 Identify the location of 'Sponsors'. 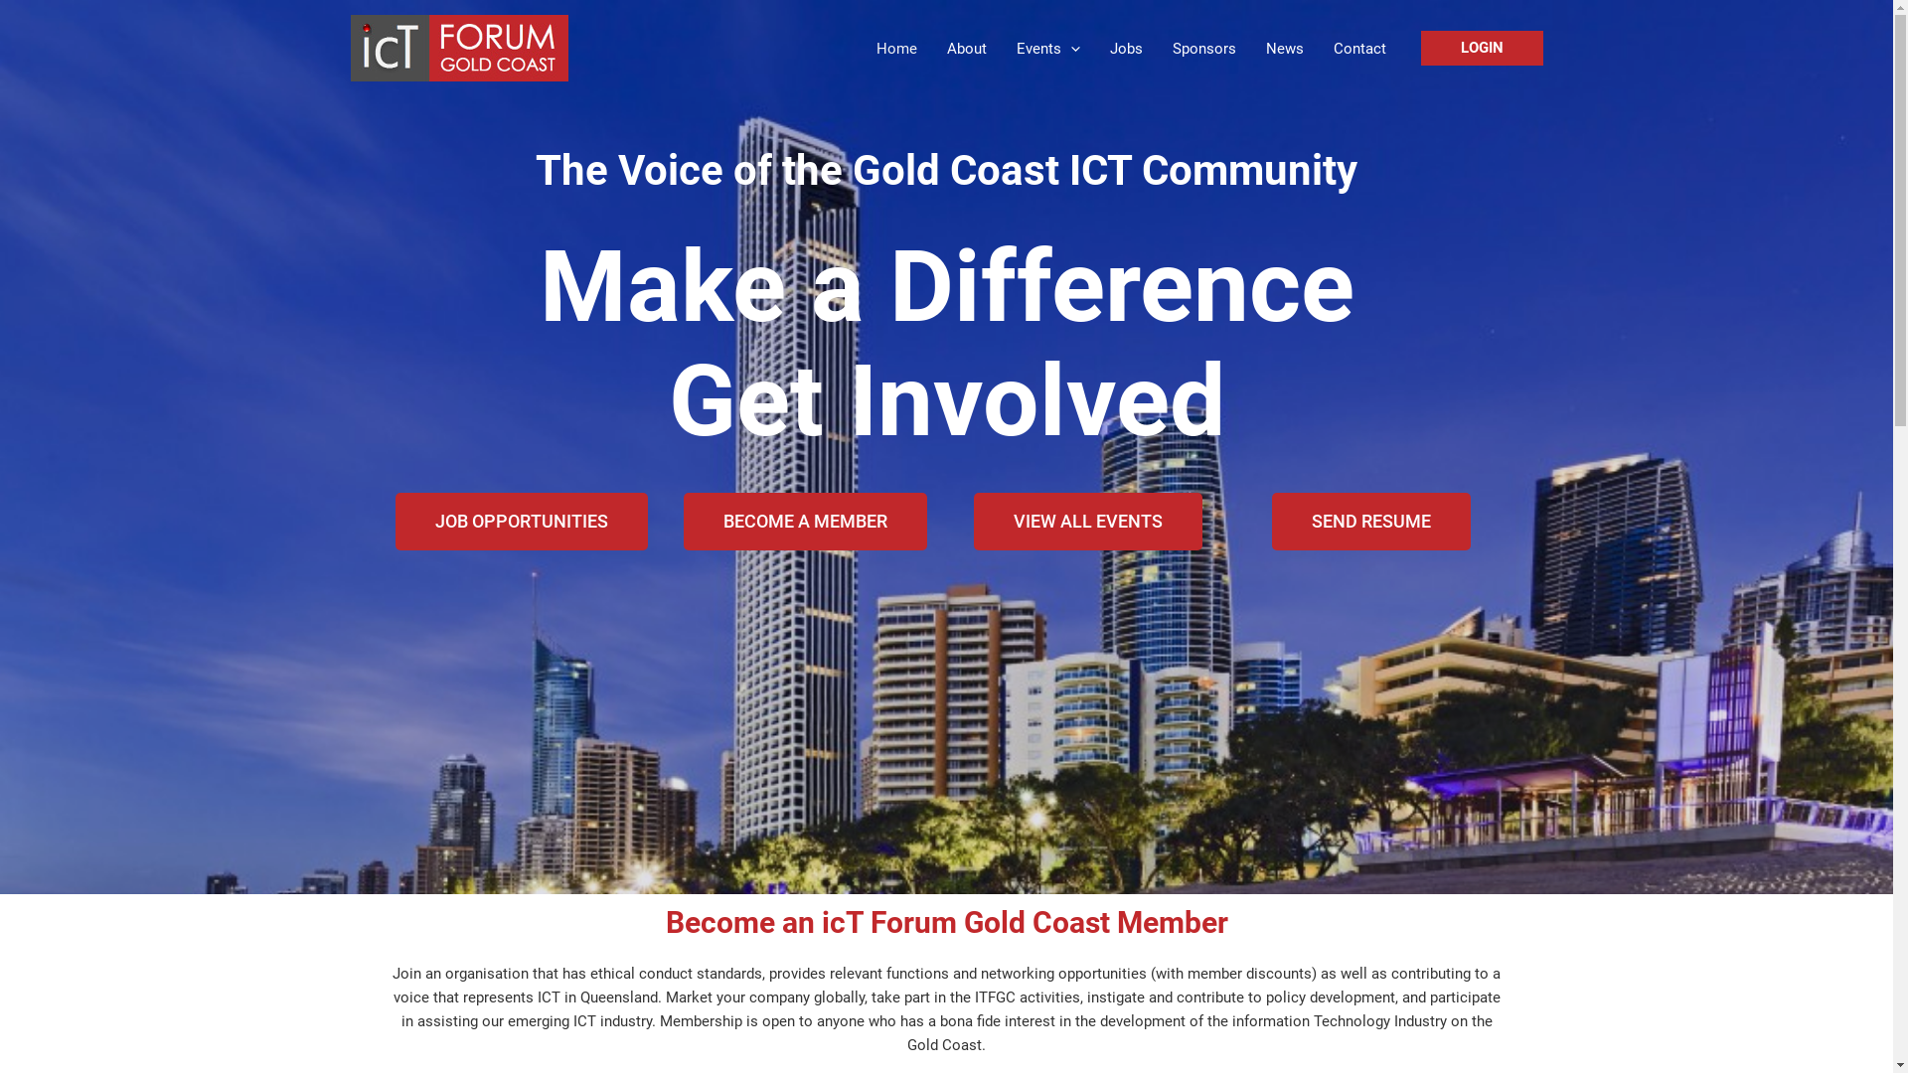
(1201, 48).